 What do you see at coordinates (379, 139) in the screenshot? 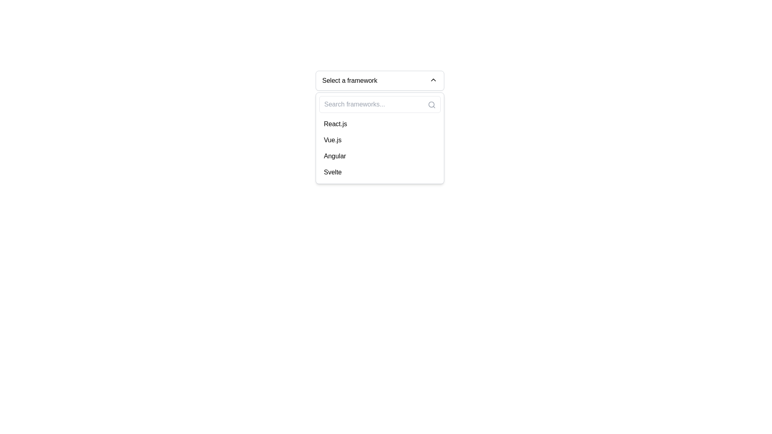
I see `the 'Vue.js' option in the dropdown list` at bounding box center [379, 139].